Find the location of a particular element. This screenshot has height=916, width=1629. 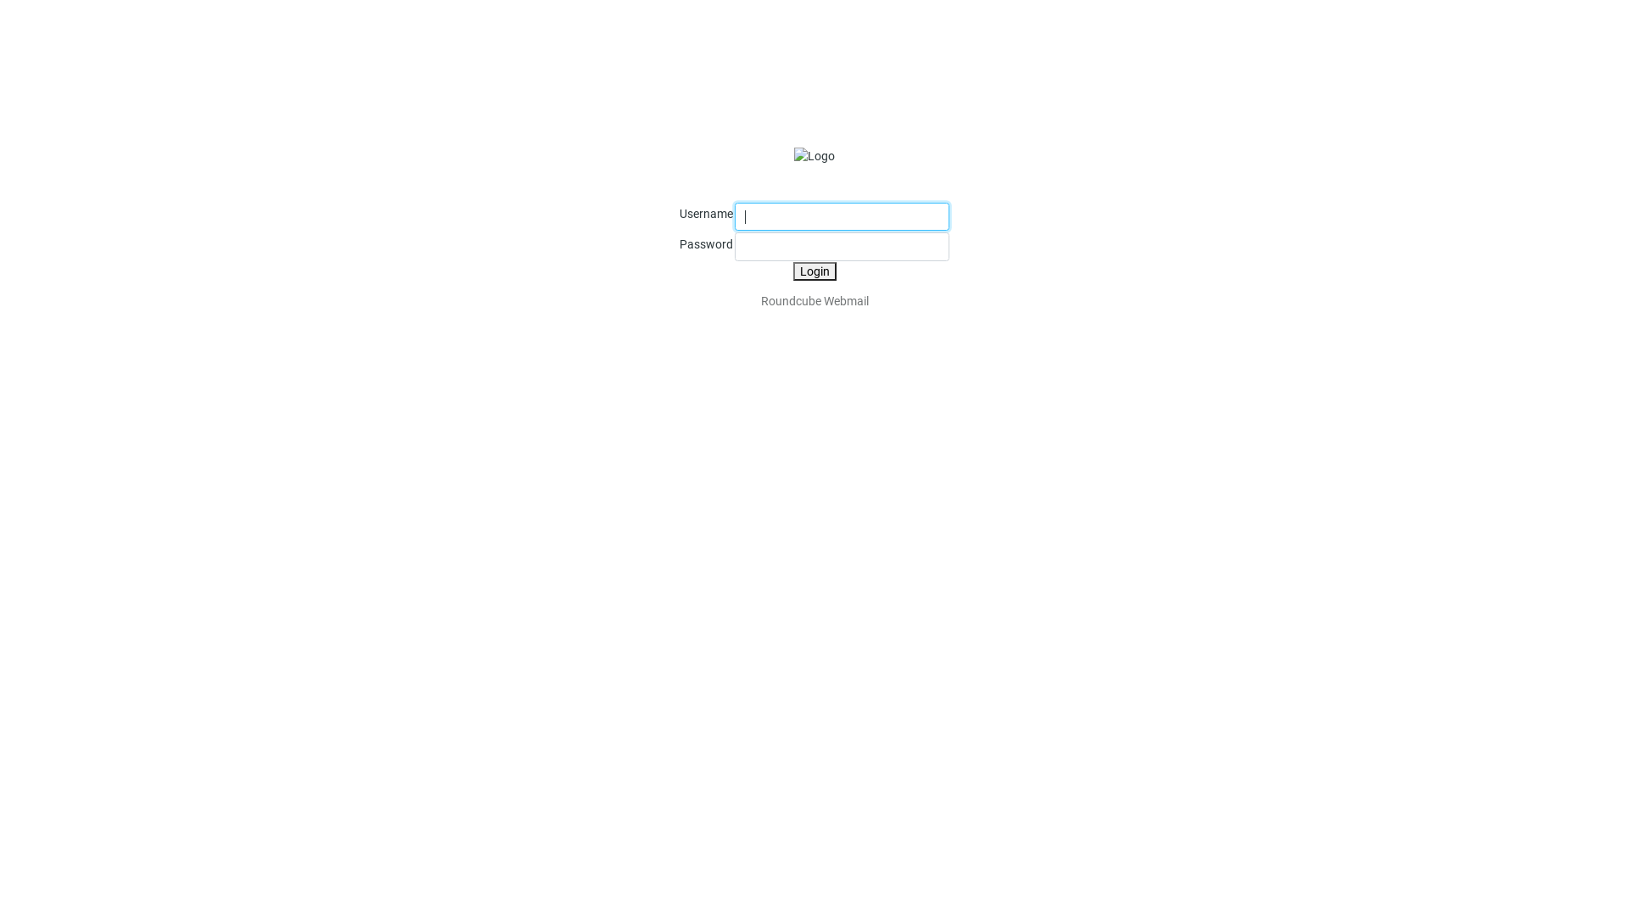

'Login' is located at coordinates (813, 271).